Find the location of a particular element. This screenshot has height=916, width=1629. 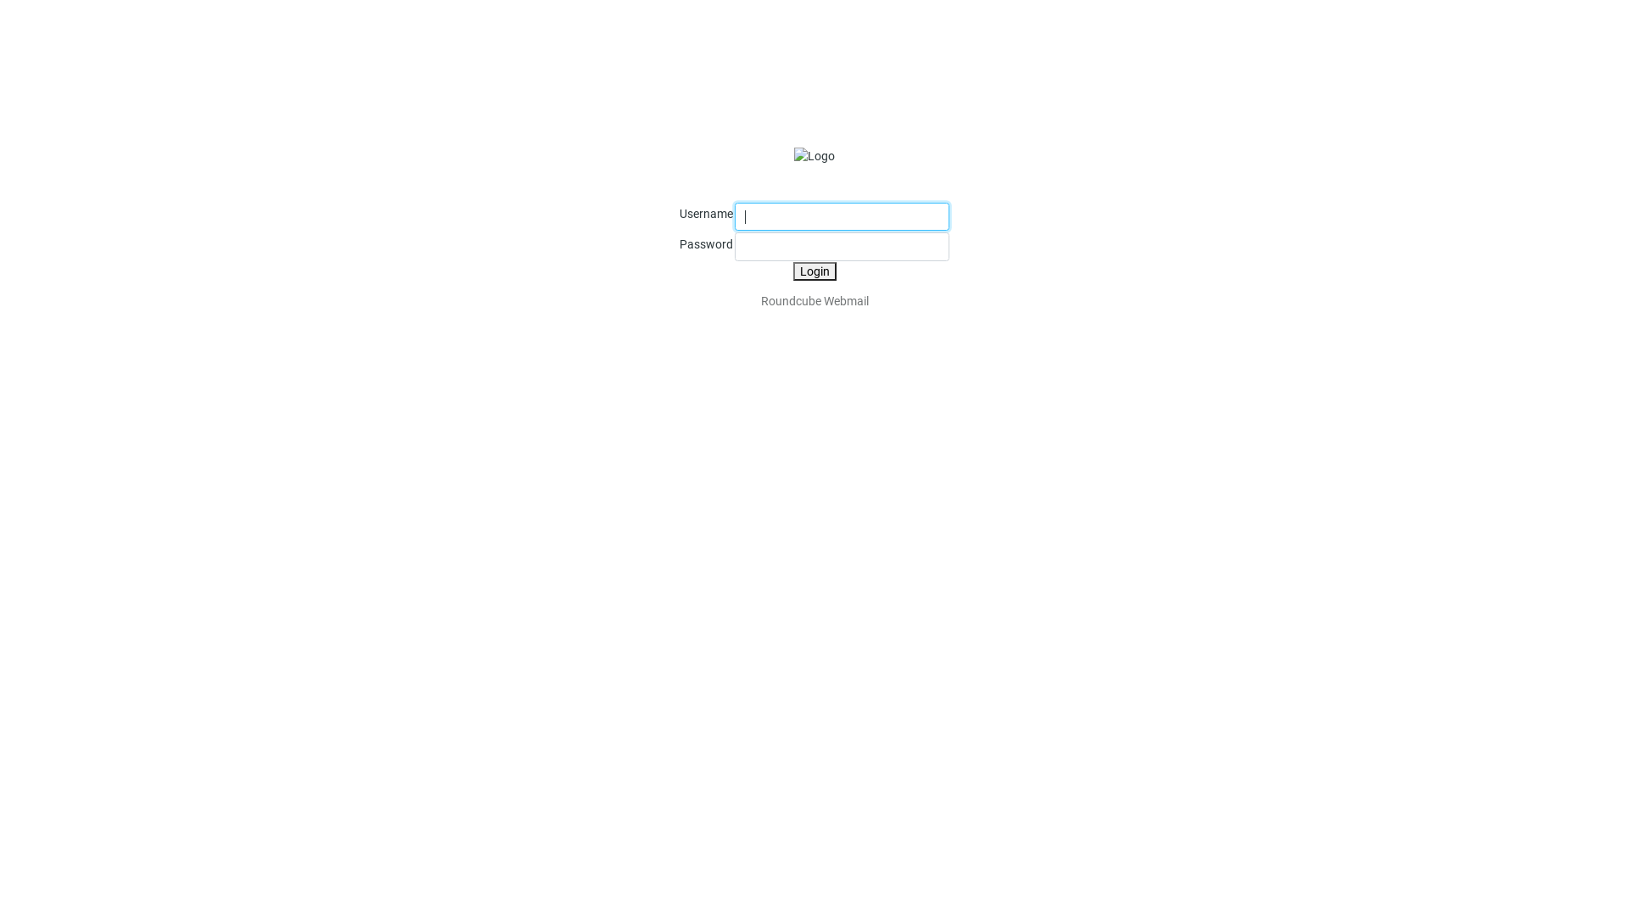

'Login' is located at coordinates (813, 271).